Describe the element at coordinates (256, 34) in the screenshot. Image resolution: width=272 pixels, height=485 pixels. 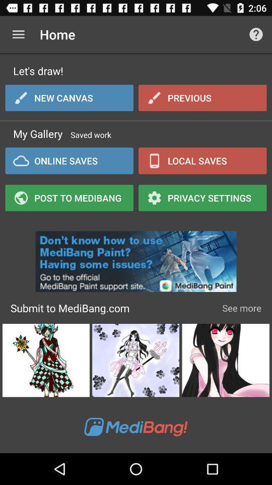
I see `the icon next to the home item` at that location.